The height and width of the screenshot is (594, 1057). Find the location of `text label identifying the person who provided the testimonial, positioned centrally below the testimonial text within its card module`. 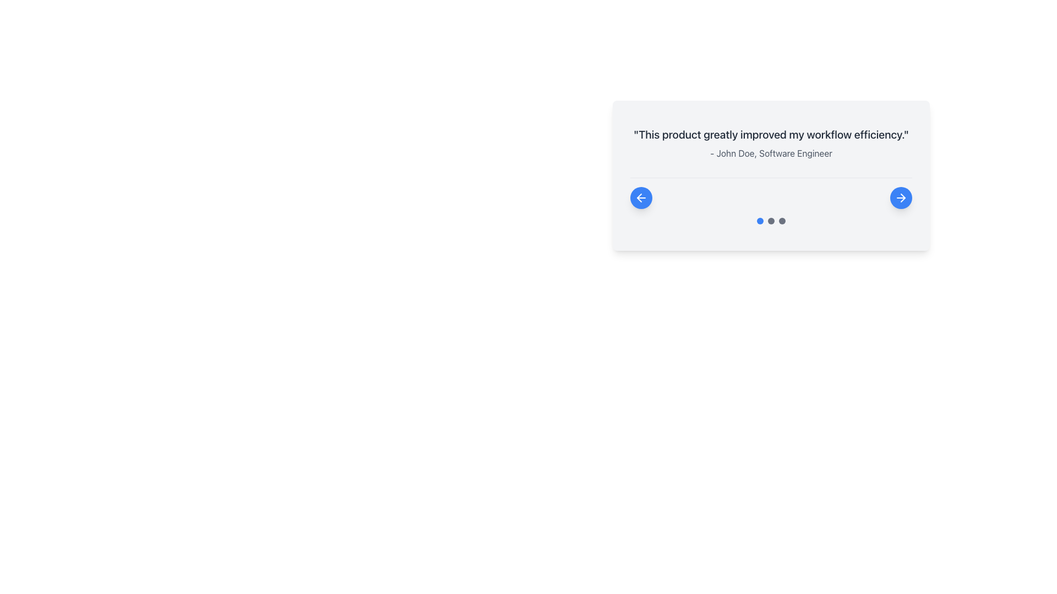

text label identifying the person who provided the testimonial, positioned centrally below the testimonial text within its card module is located at coordinates (771, 153).